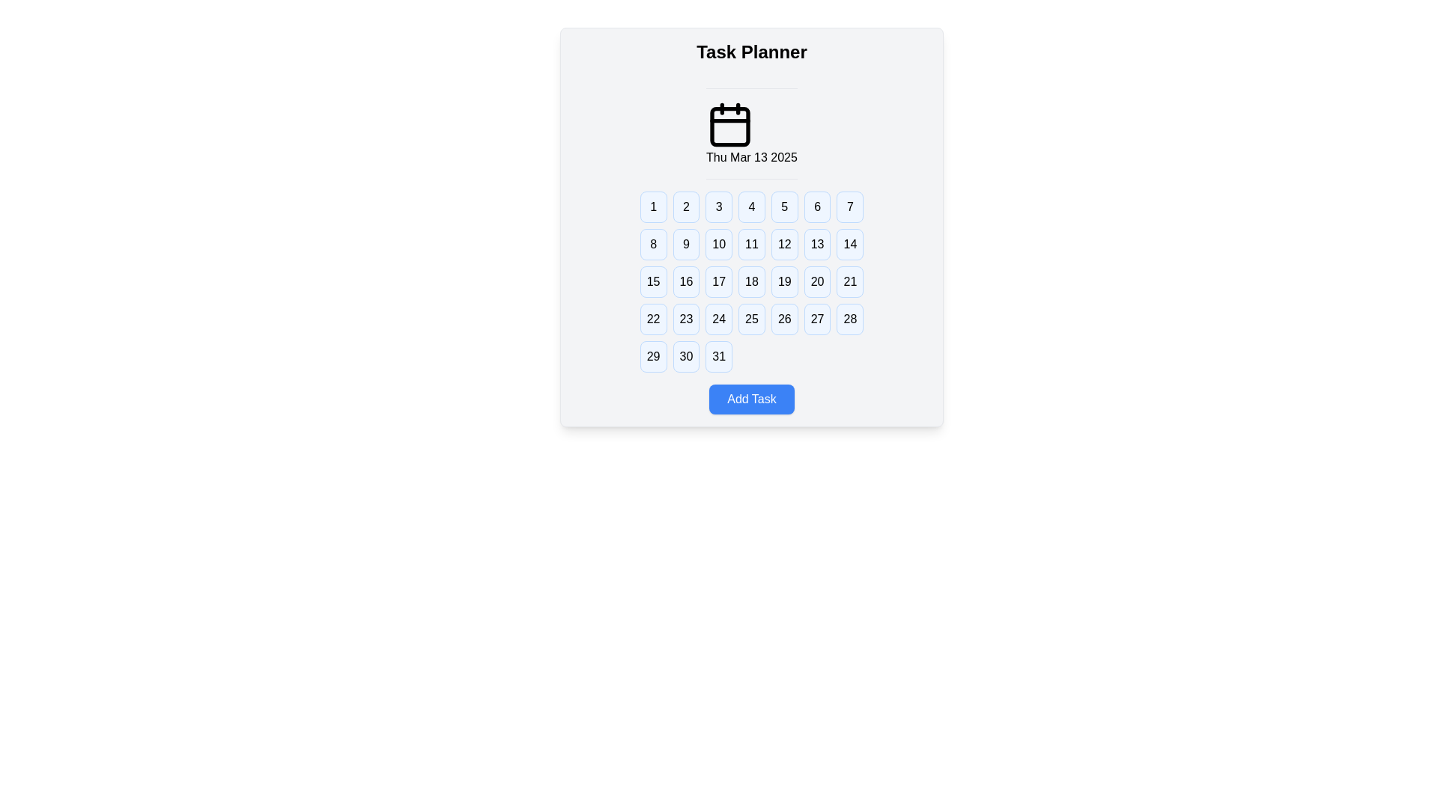 This screenshot has height=808, width=1438. What do you see at coordinates (751, 158) in the screenshot?
I see `the Static Text displaying the date 'Thu Mar 13 2025', which is centrally aligned below the calendar icon in the calendar interface` at bounding box center [751, 158].